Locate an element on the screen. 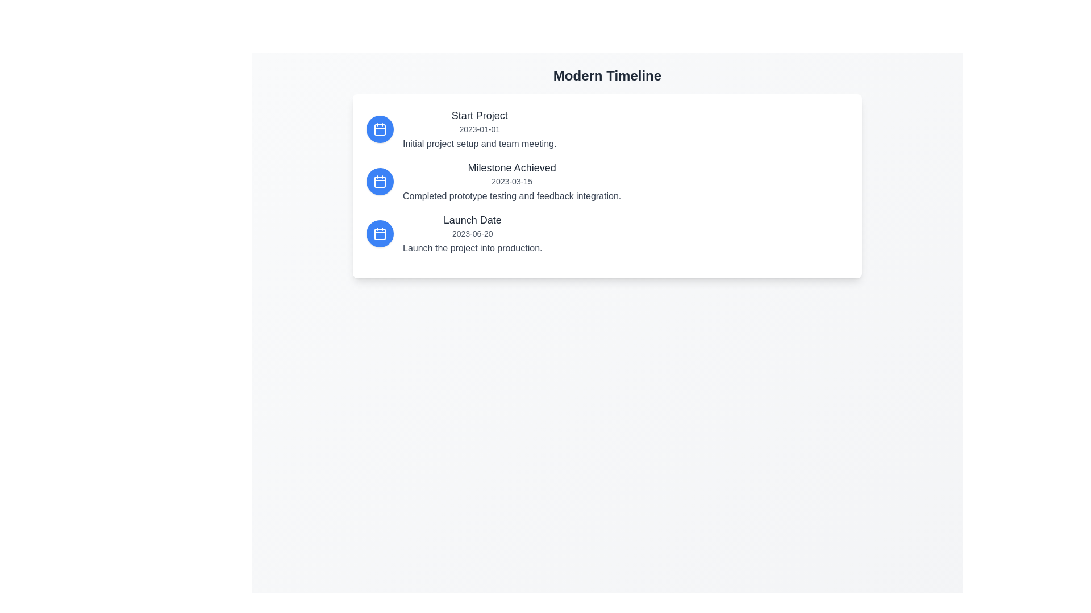 This screenshot has height=613, width=1091. the third timeline entry that presents details about the launch date of a project, located below the 'Milestone Achieved' entry is located at coordinates (607, 233).